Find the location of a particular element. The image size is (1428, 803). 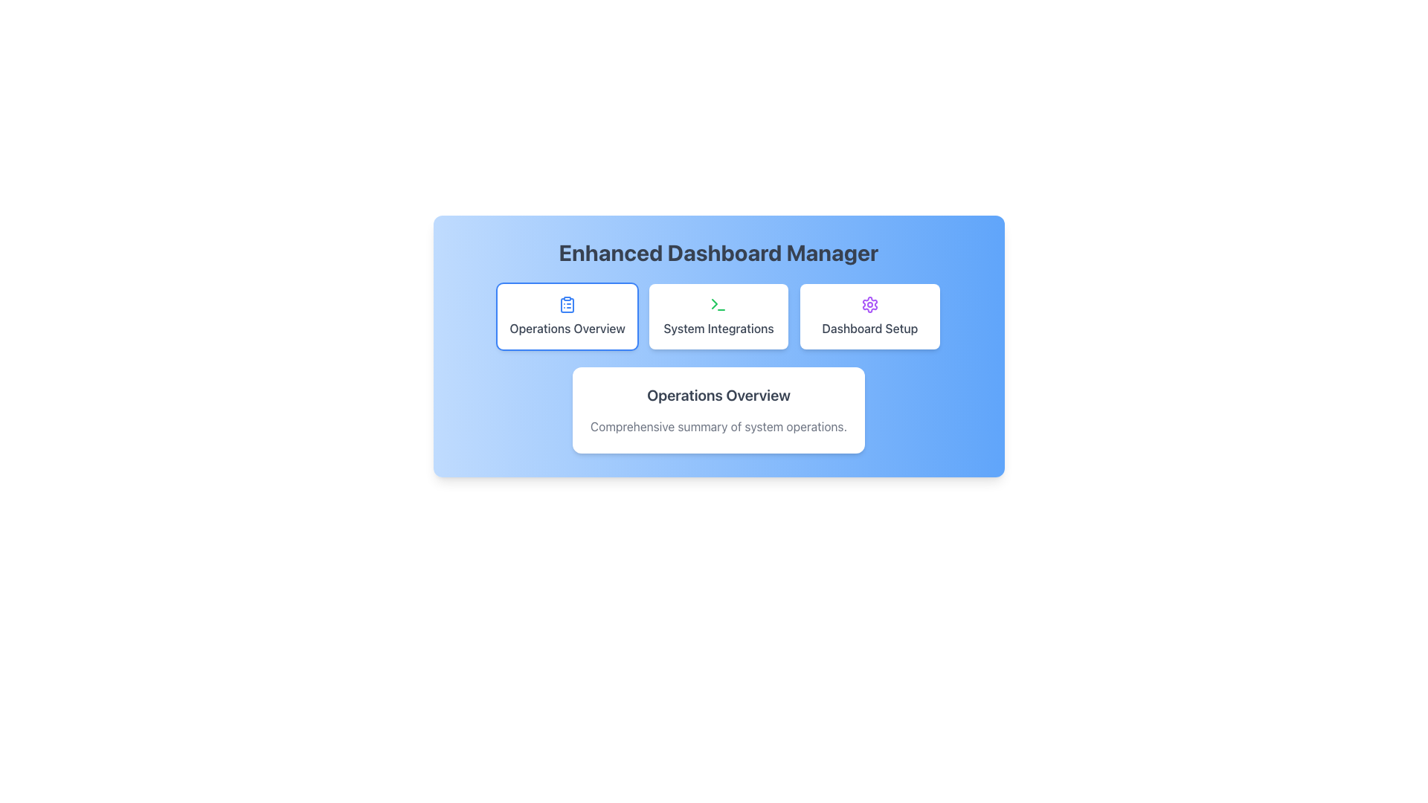

the 'Operations Overview' icon located at the top center of the 'Operations Overview' card is located at coordinates (567, 303).